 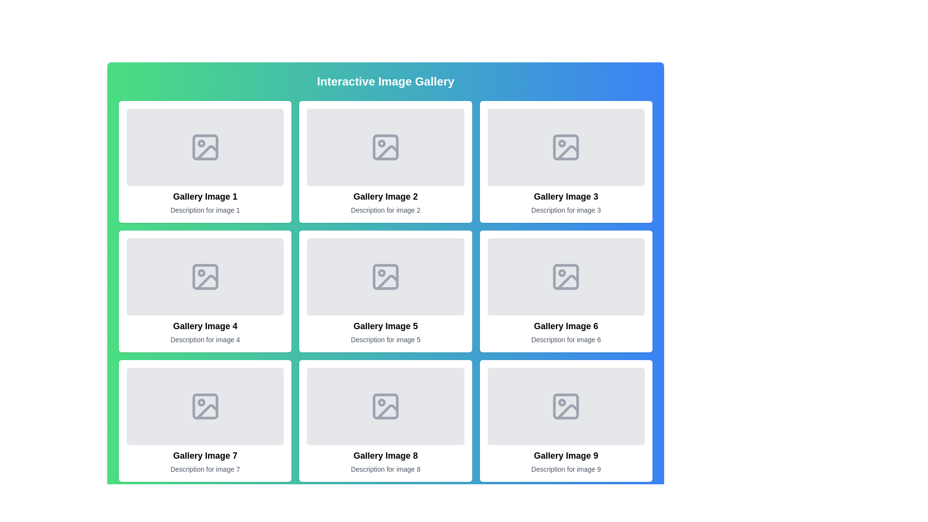 I want to click on the image placeholder with a light gray background and an icon indicating the absence of an image, so click(x=385, y=277).